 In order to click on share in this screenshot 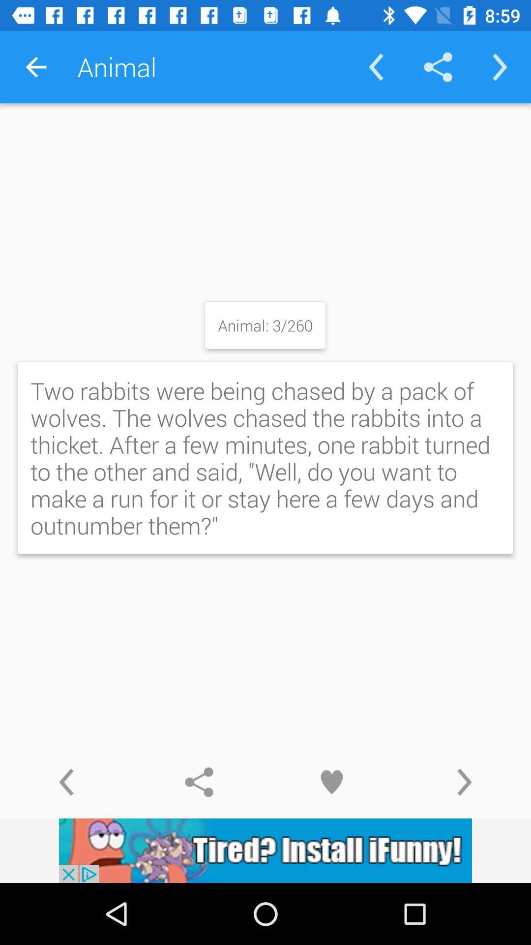, I will do `click(199, 782)`.